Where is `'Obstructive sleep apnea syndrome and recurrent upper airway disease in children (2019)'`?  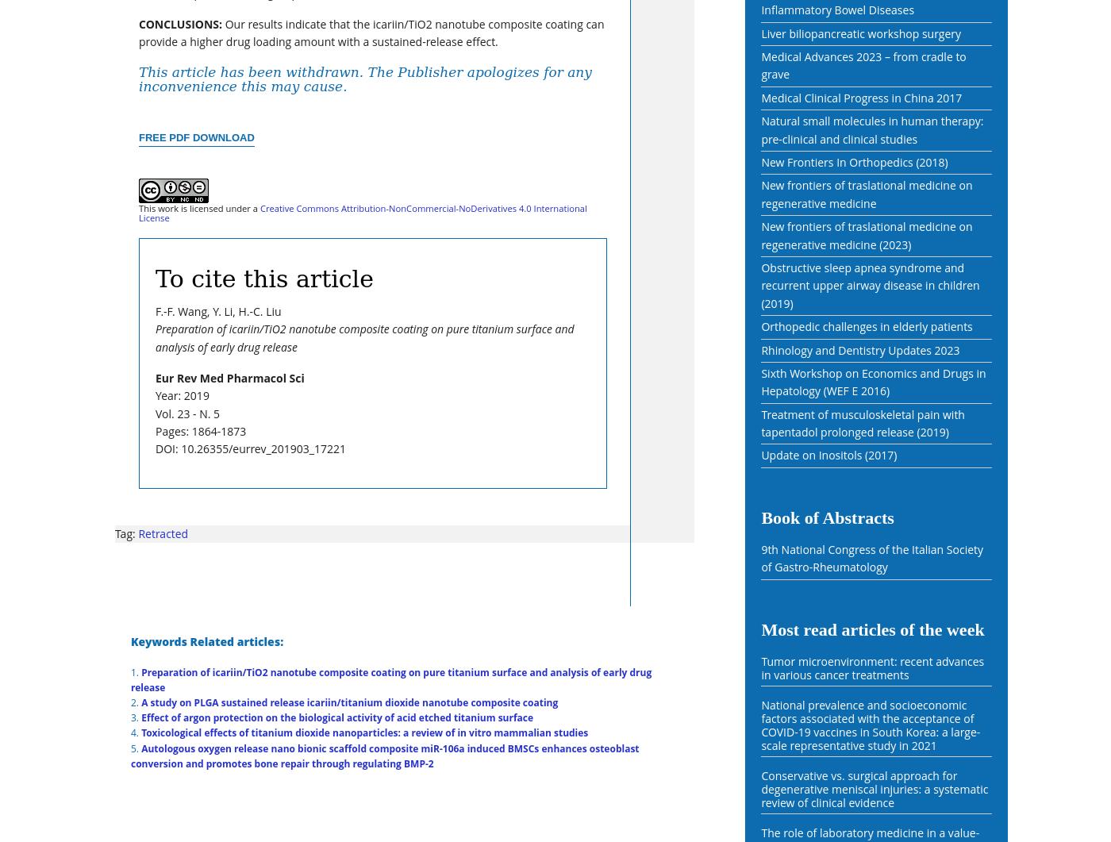
'Obstructive sleep apnea syndrome and recurrent upper airway disease in children (2019)' is located at coordinates (870, 285).